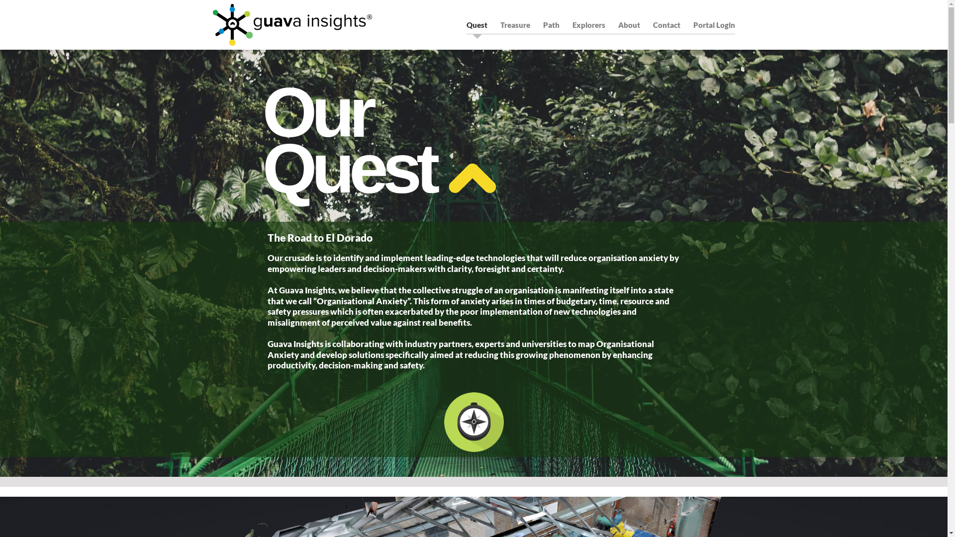 This screenshot has height=537, width=955. What do you see at coordinates (477, 24) in the screenshot?
I see `'Quest'` at bounding box center [477, 24].